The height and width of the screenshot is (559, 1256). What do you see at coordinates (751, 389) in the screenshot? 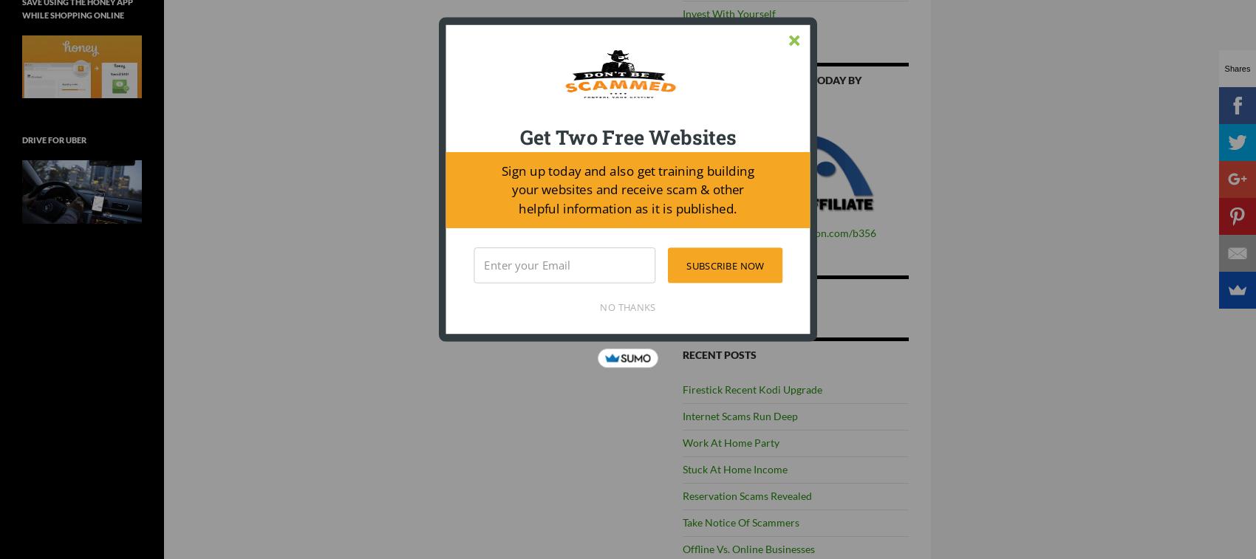
I see `'Firestick Recent Kodi Upgrade'` at bounding box center [751, 389].